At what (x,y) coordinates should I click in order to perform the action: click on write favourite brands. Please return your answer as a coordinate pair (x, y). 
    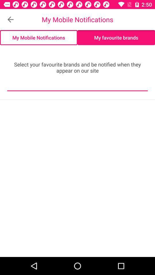
    Looking at the image, I should click on (77, 87).